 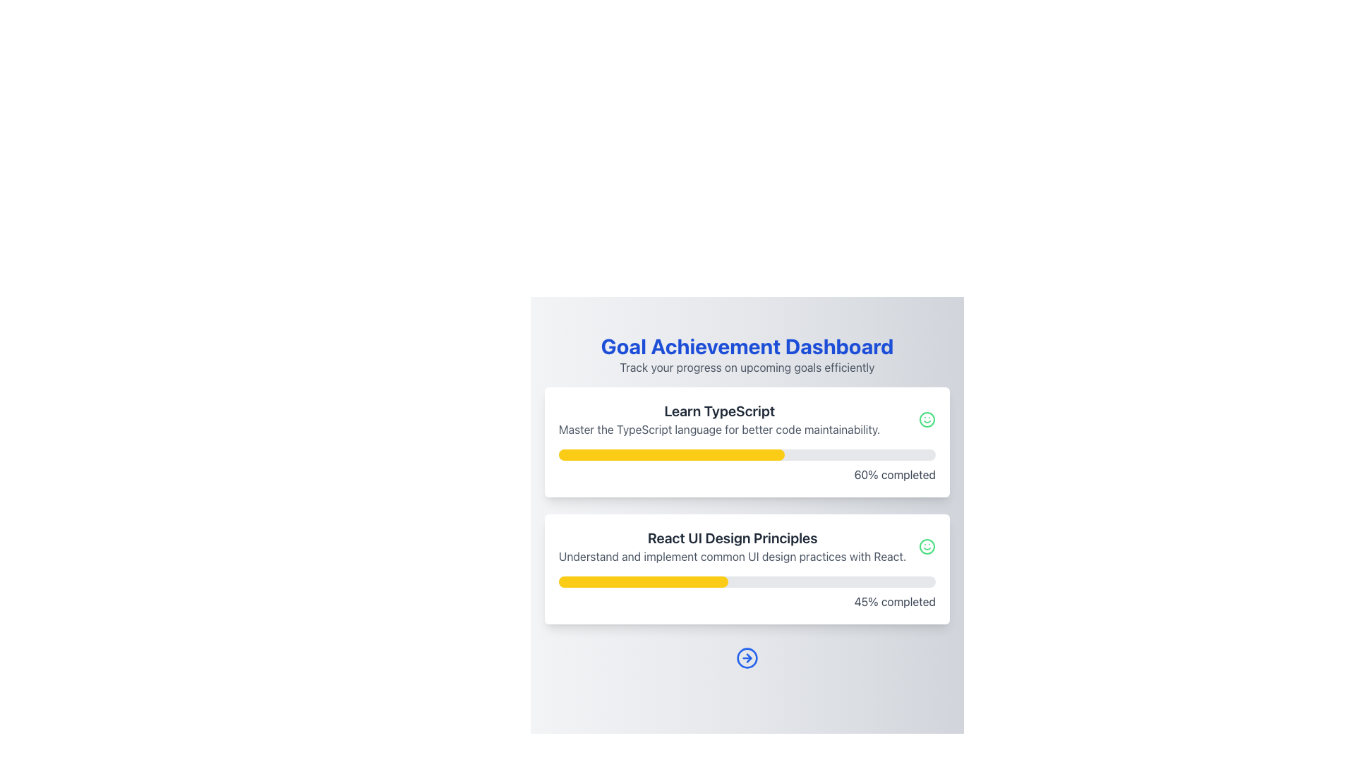 I want to click on text label titled 'Learn TypeScript' located at the top-center of the card, just above the descriptive text, so click(x=719, y=411).